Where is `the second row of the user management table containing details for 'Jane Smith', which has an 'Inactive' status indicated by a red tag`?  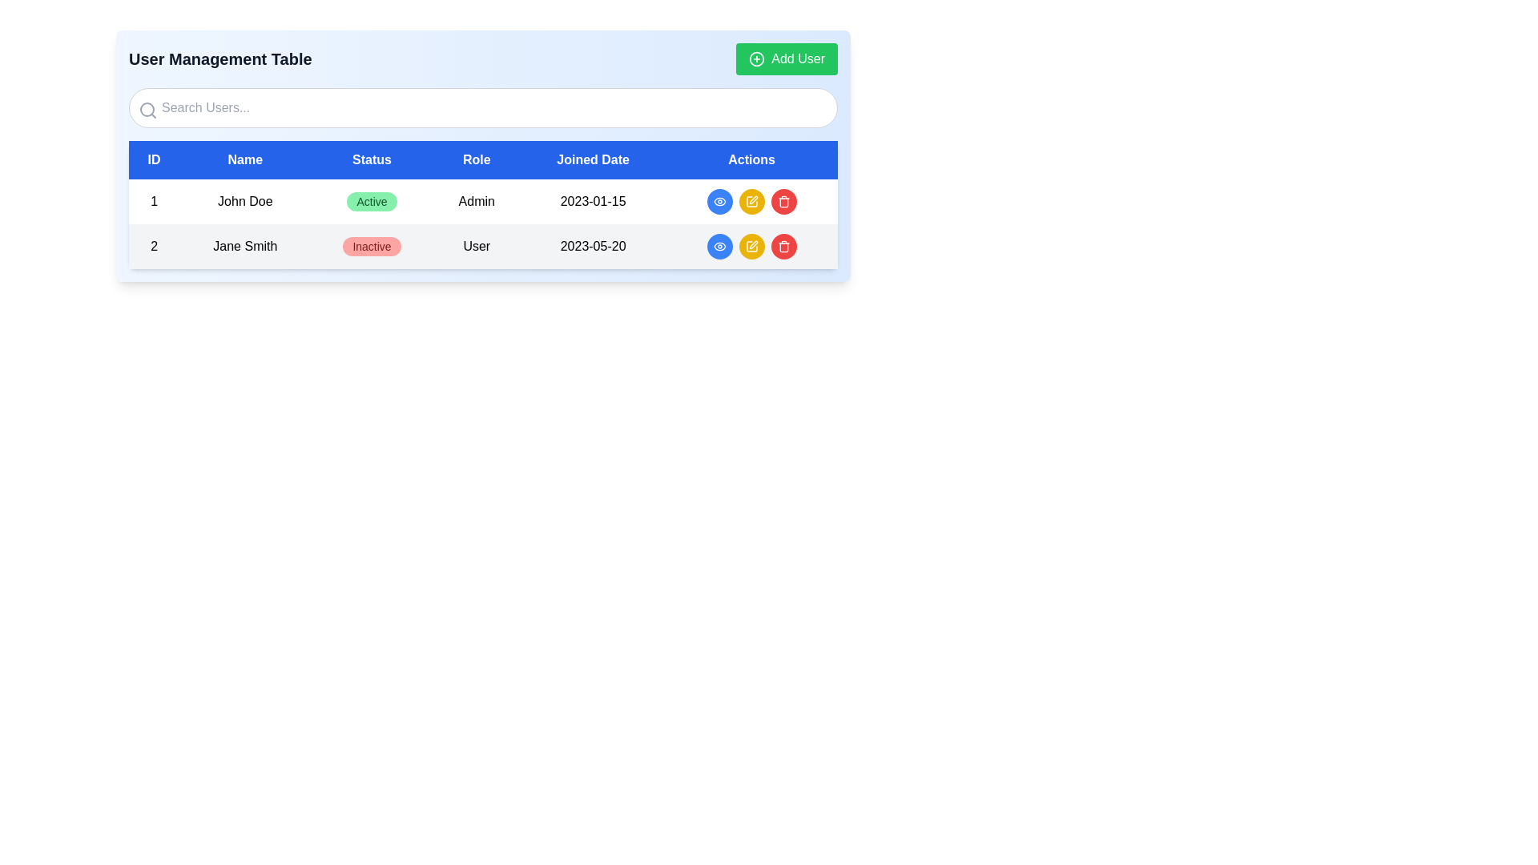 the second row of the user management table containing details for 'Jane Smith', which has an 'Inactive' status indicated by a red tag is located at coordinates (482, 247).